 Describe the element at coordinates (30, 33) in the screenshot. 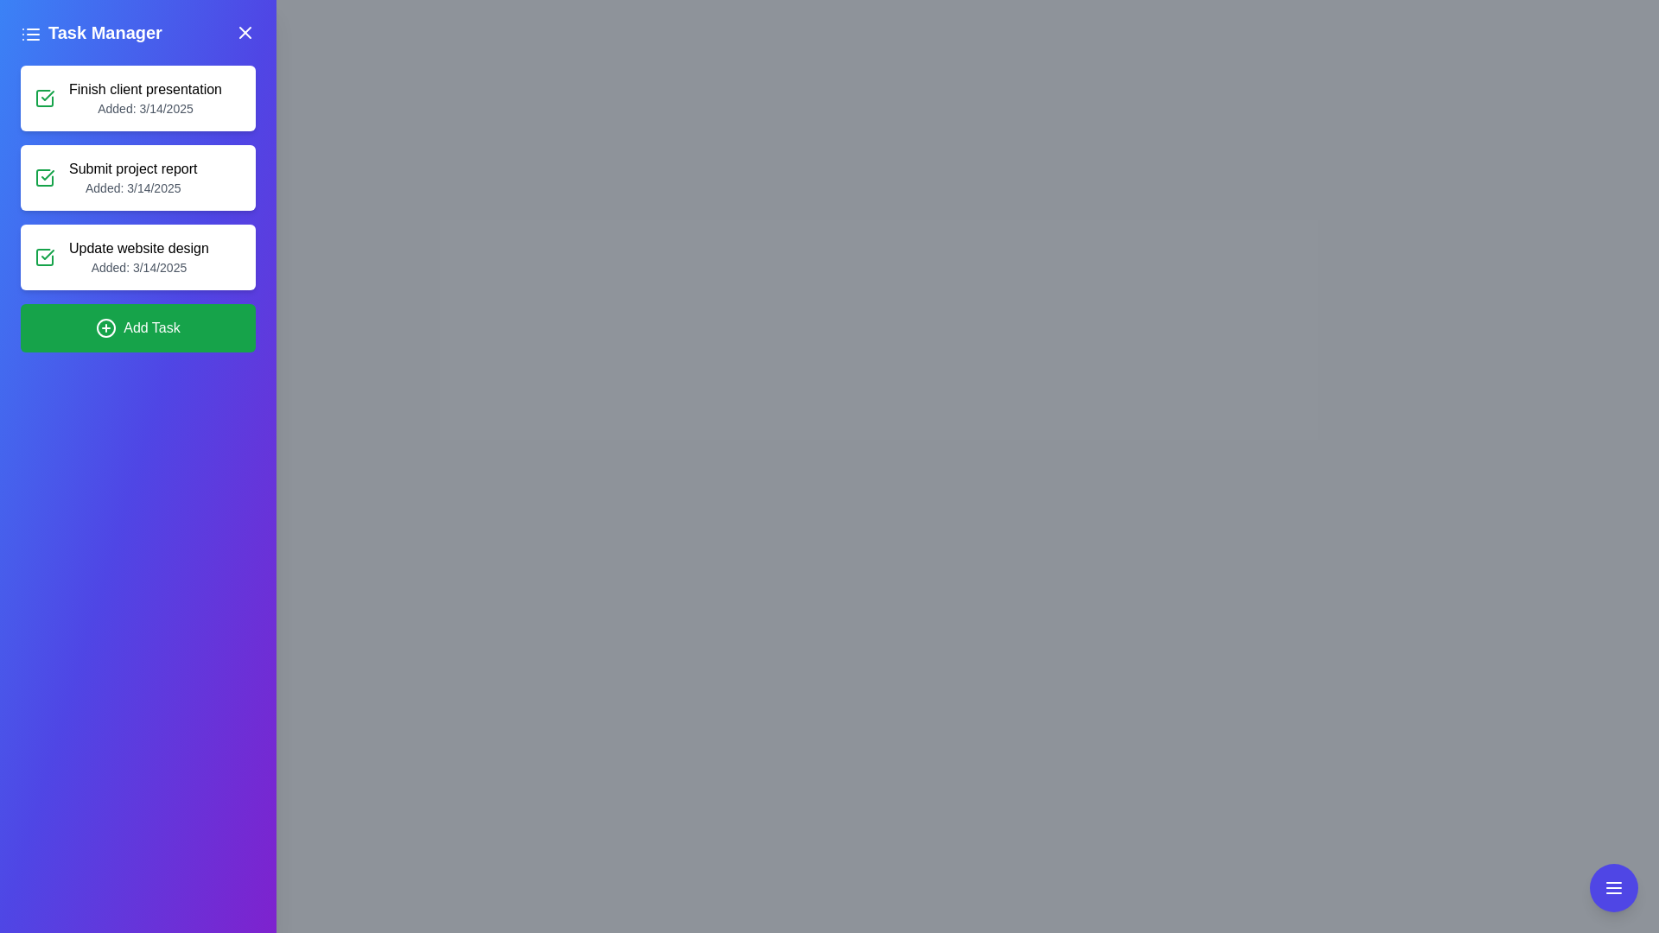

I see `the SVG Icon located in the 'Task Manager' title area, which is positioned to the left of the 'Task Manager' text and adjacent to the close button` at that location.